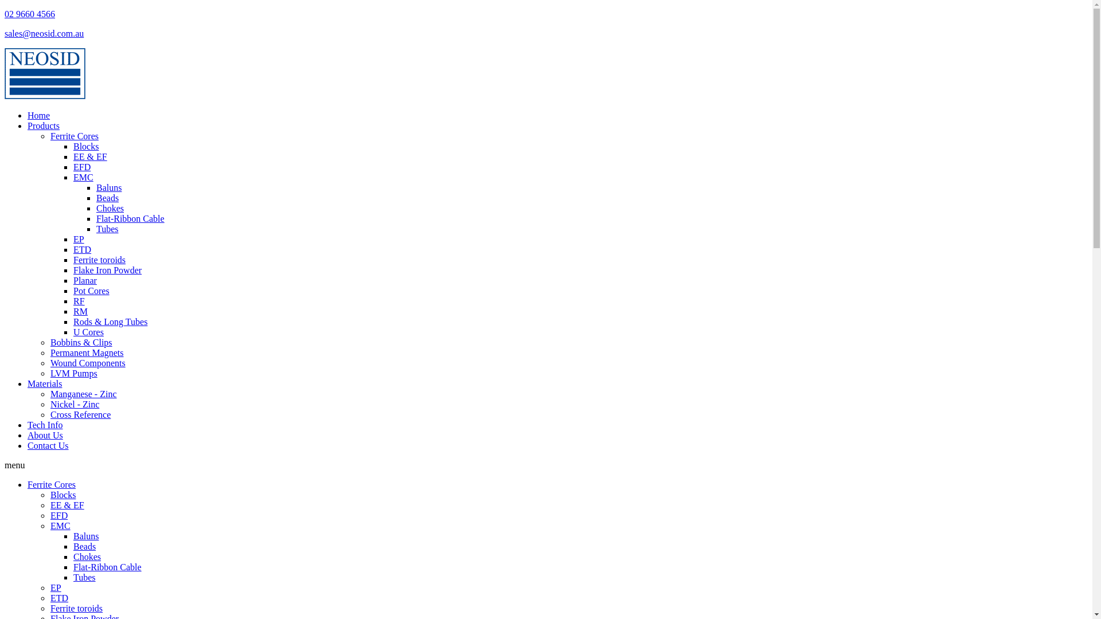 This screenshot has width=1101, height=619. What do you see at coordinates (81, 342) in the screenshot?
I see `'Bobbins & Clips'` at bounding box center [81, 342].